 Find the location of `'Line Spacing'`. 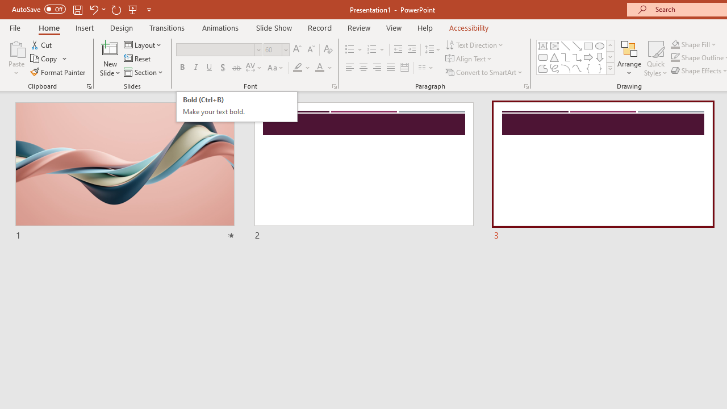

'Line Spacing' is located at coordinates (432, 49).